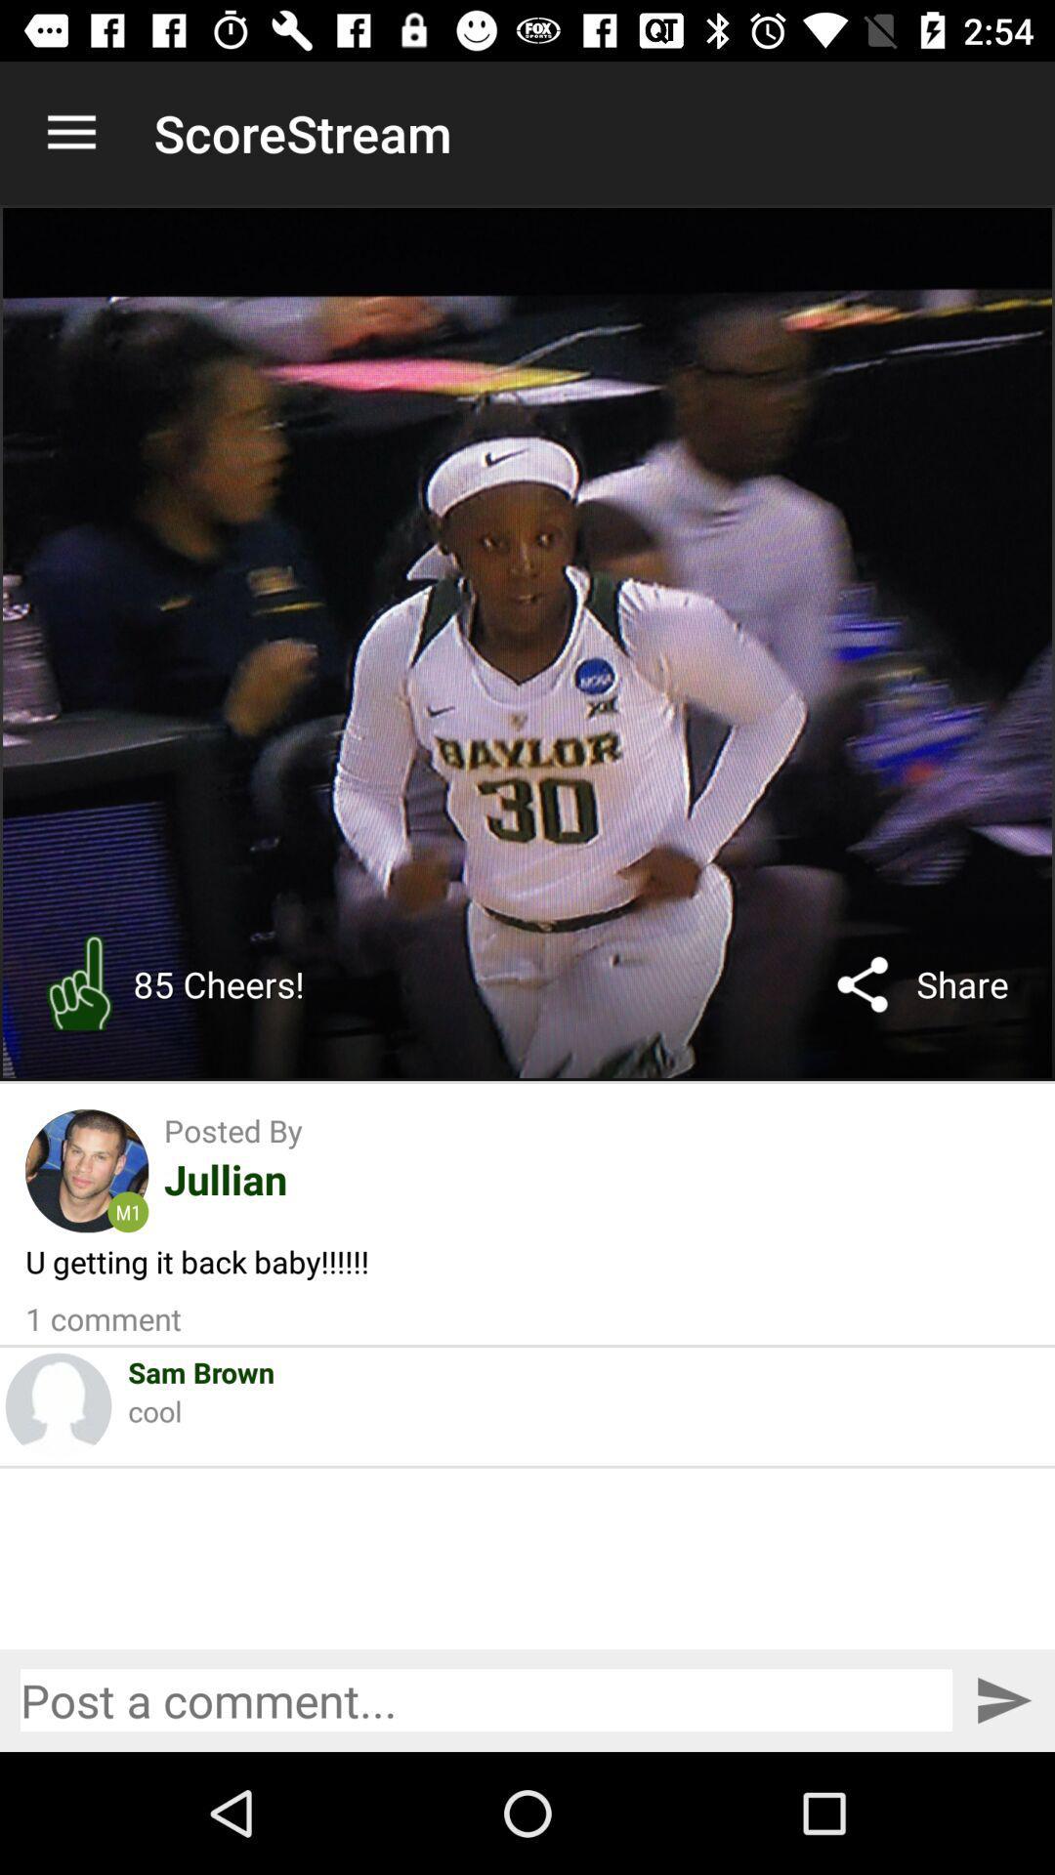  What do you see at coordinates (862, 984) in the screenshot?
I see `the icon next to the share icon` at bounding box center [862, 984].